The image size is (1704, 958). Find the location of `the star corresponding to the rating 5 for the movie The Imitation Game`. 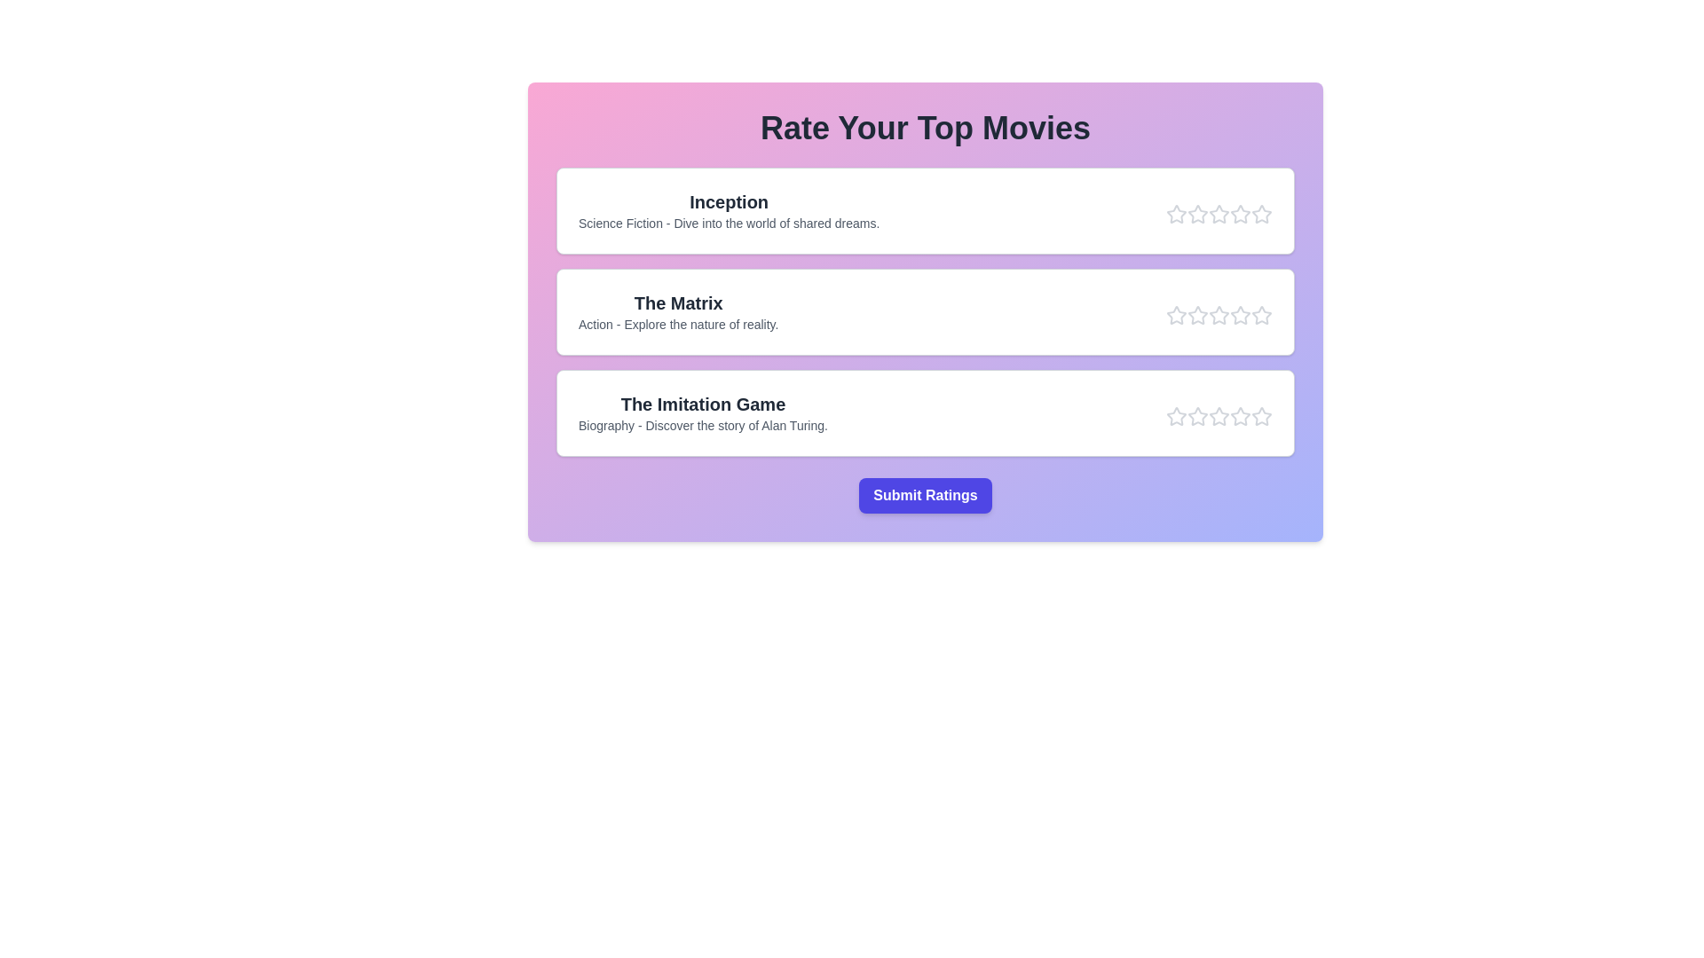

the star corresponding to the rating 5 for the movie The Imitation Game is located at coordinates (1260, 417).